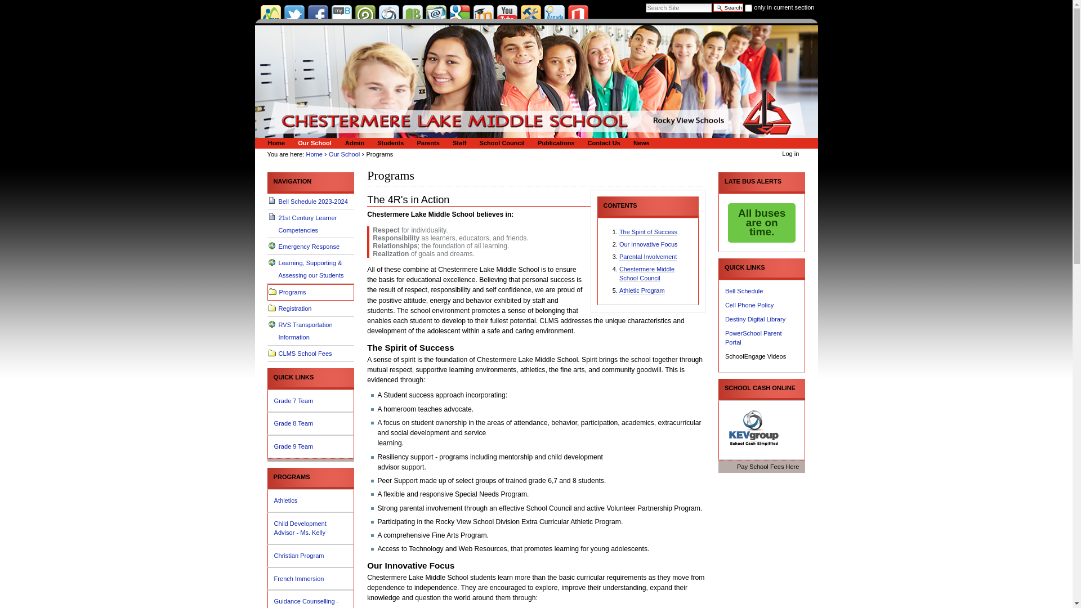 Image resolution: width=1081 pixels, height=608 pixels. What do you see at coordinates (311, 223) in the screenshot?
I see `'21st Century Learner Competencies'` at bounding box center [311, 223].